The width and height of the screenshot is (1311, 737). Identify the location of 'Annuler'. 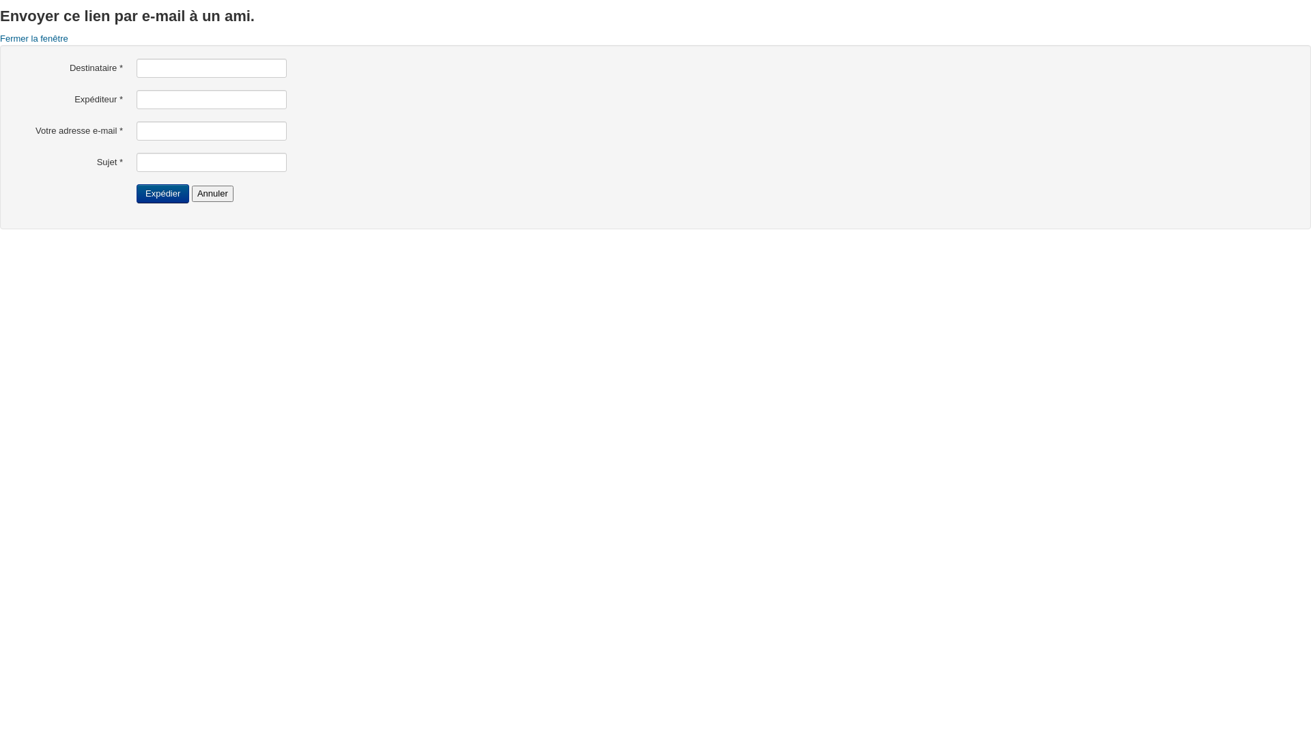
(191, 194).